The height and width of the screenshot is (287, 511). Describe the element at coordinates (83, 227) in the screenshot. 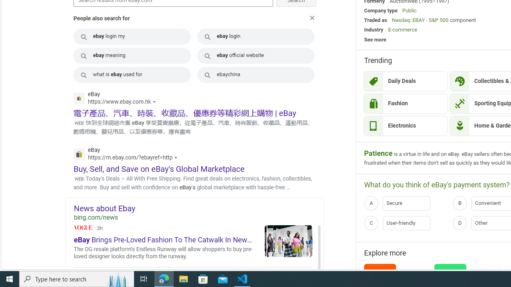

I see `'Vogue'` at that location.